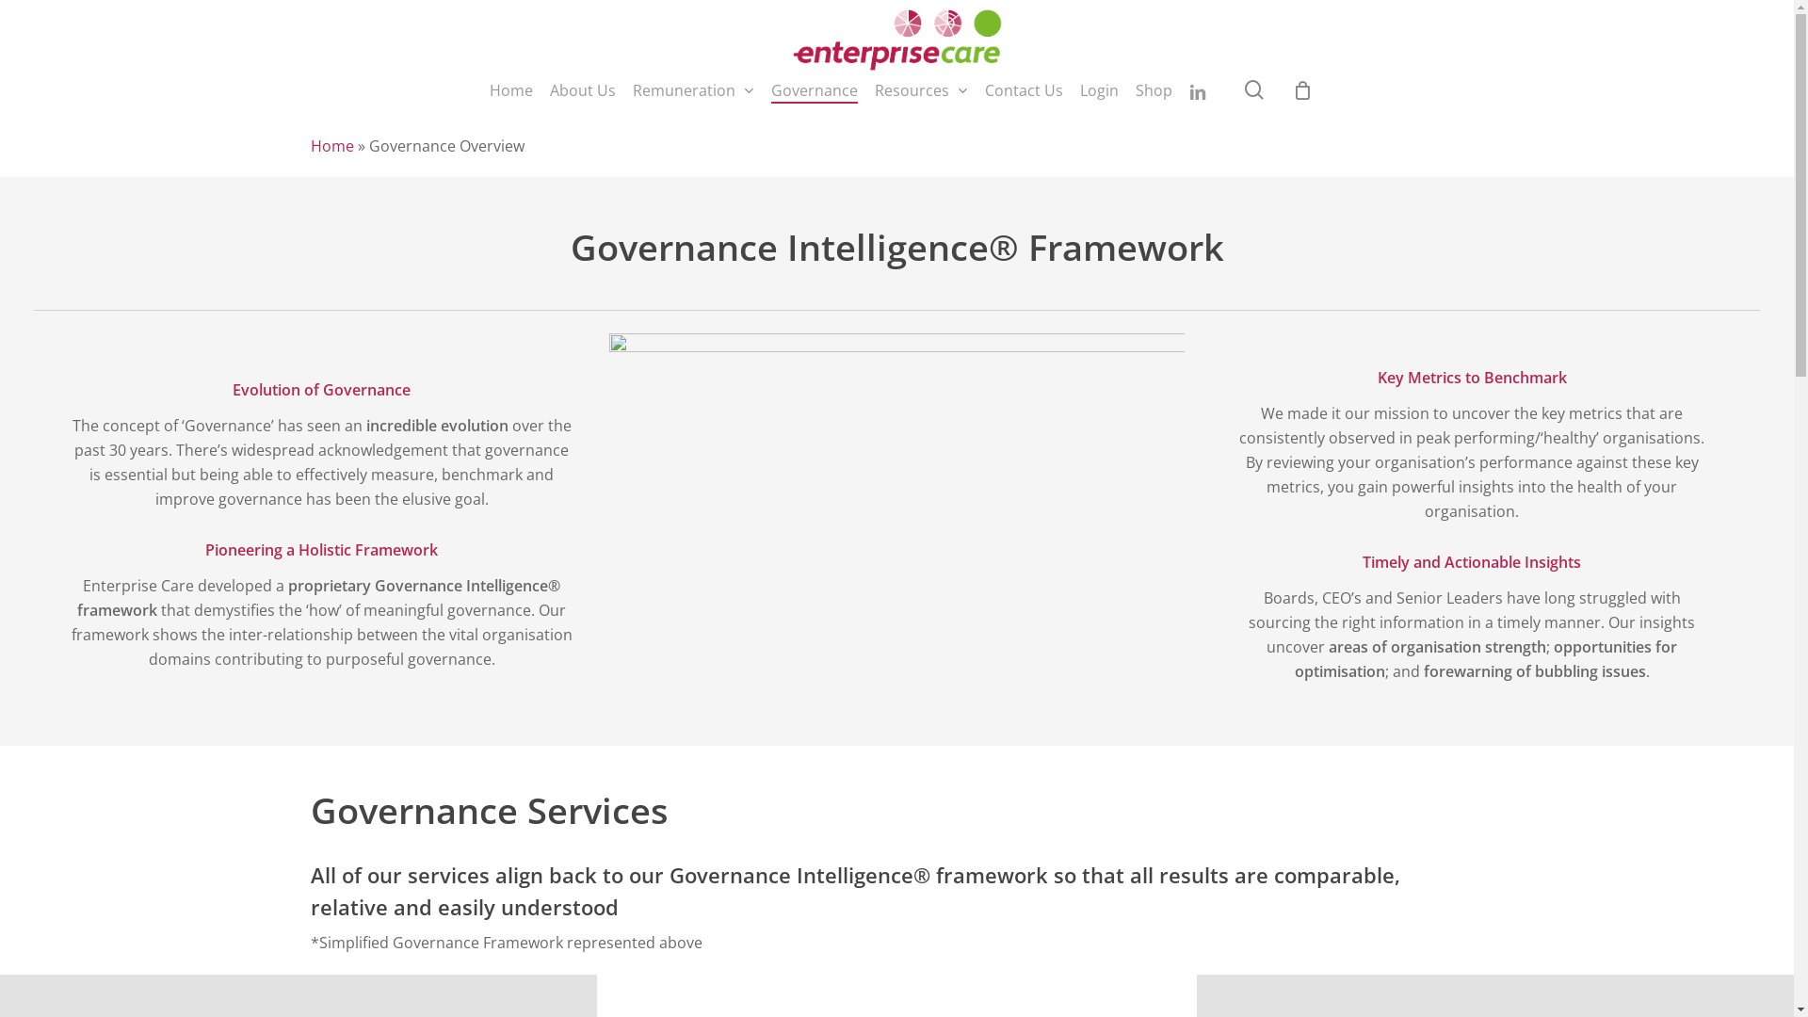 The image size is (1808, 1017). What do you see at coordinates (1099, 90) in the screenshot?
I see `'Login'` at bounding box center [1099, 90].